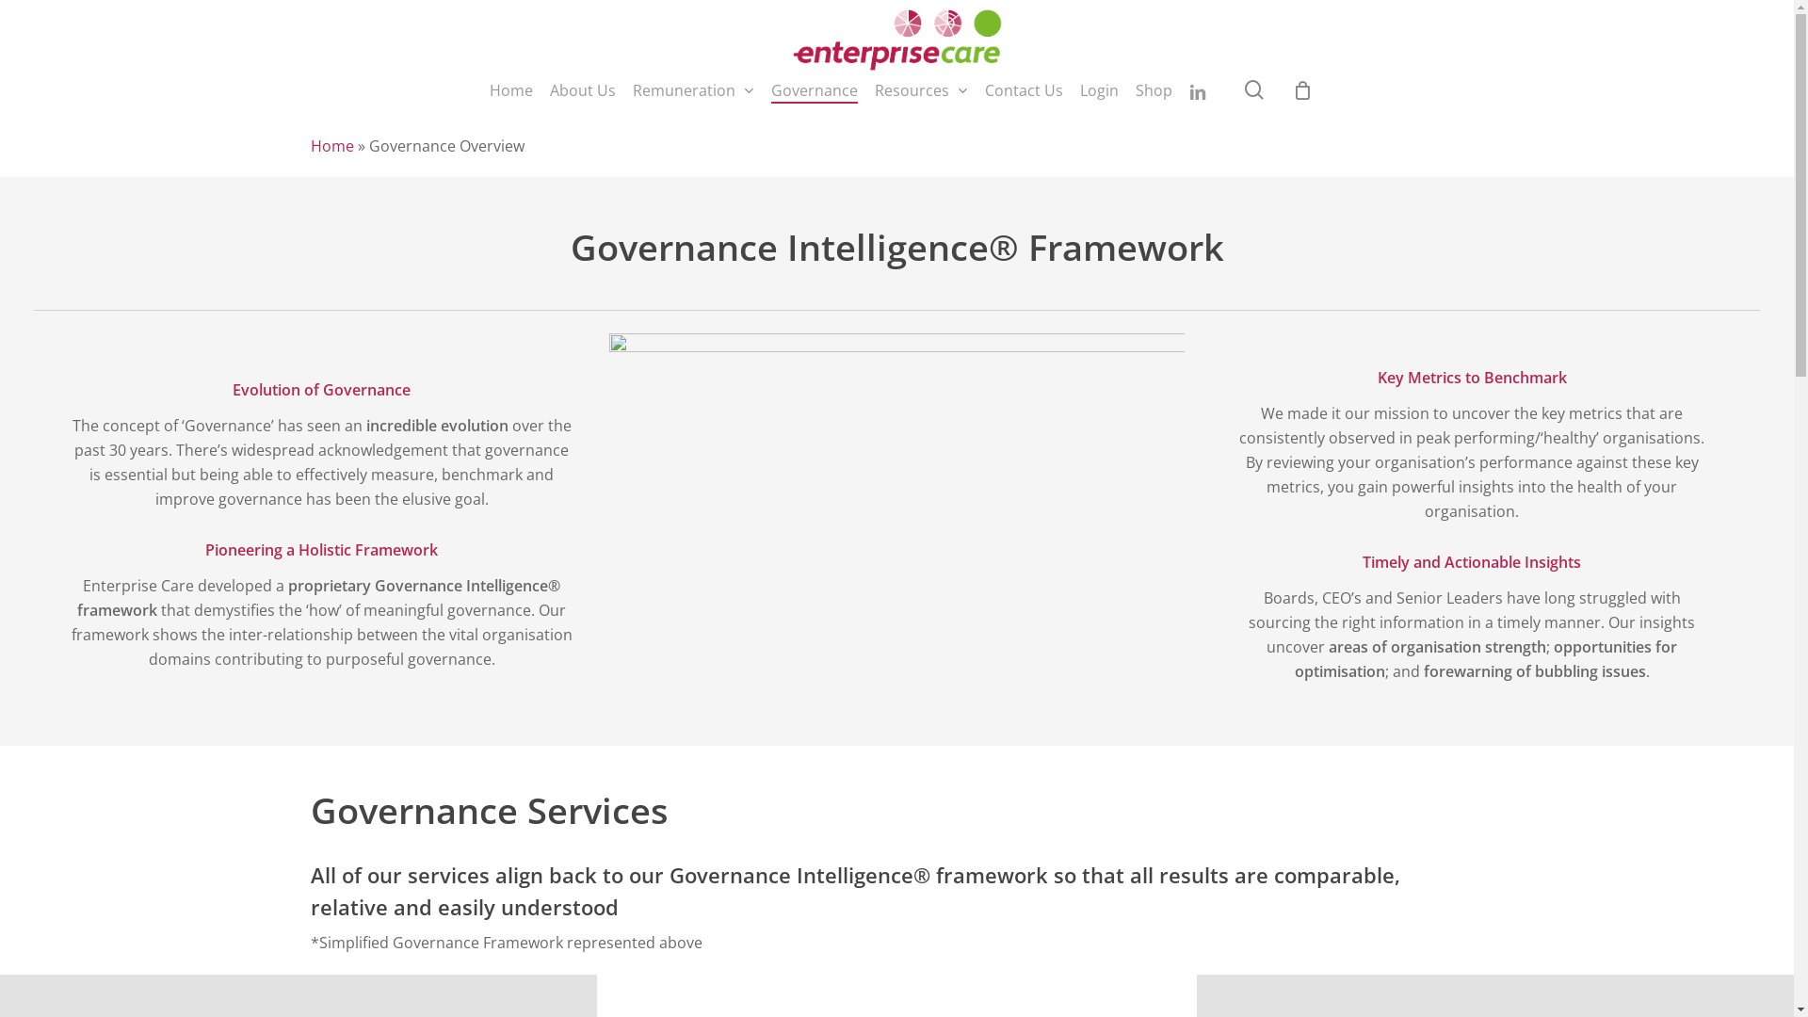 The image size is (1808, 1017). What do you see at coordinates (1099, 90) in the screenshot?
I see `'Login'` at bounding box center [1099, 90].